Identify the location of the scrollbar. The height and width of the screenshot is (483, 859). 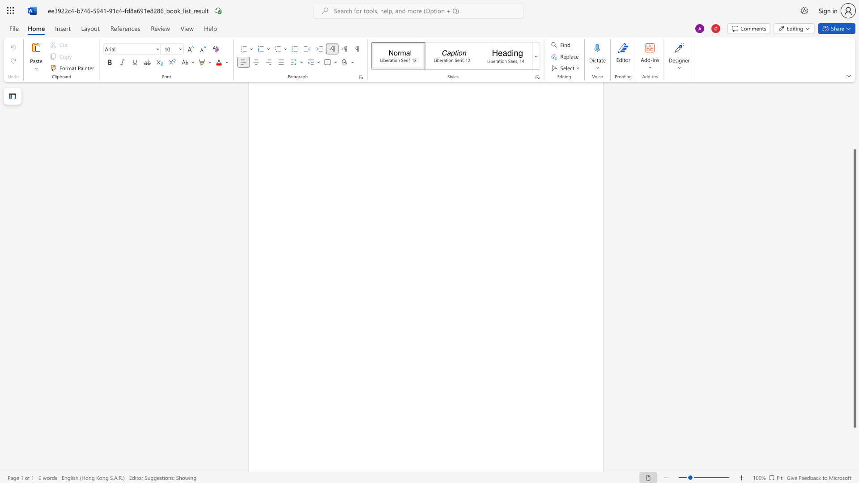
(854, 115).